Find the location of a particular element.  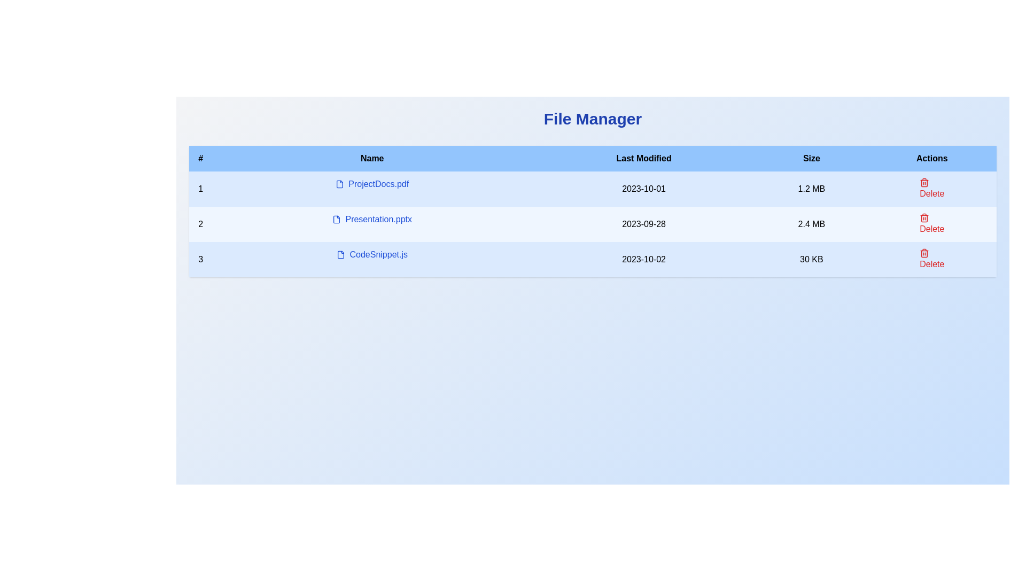

the icon representing the file 'CodeSnippet.js' located in the third row of the table under the 'Name' column is located at coordinates (340, 255).